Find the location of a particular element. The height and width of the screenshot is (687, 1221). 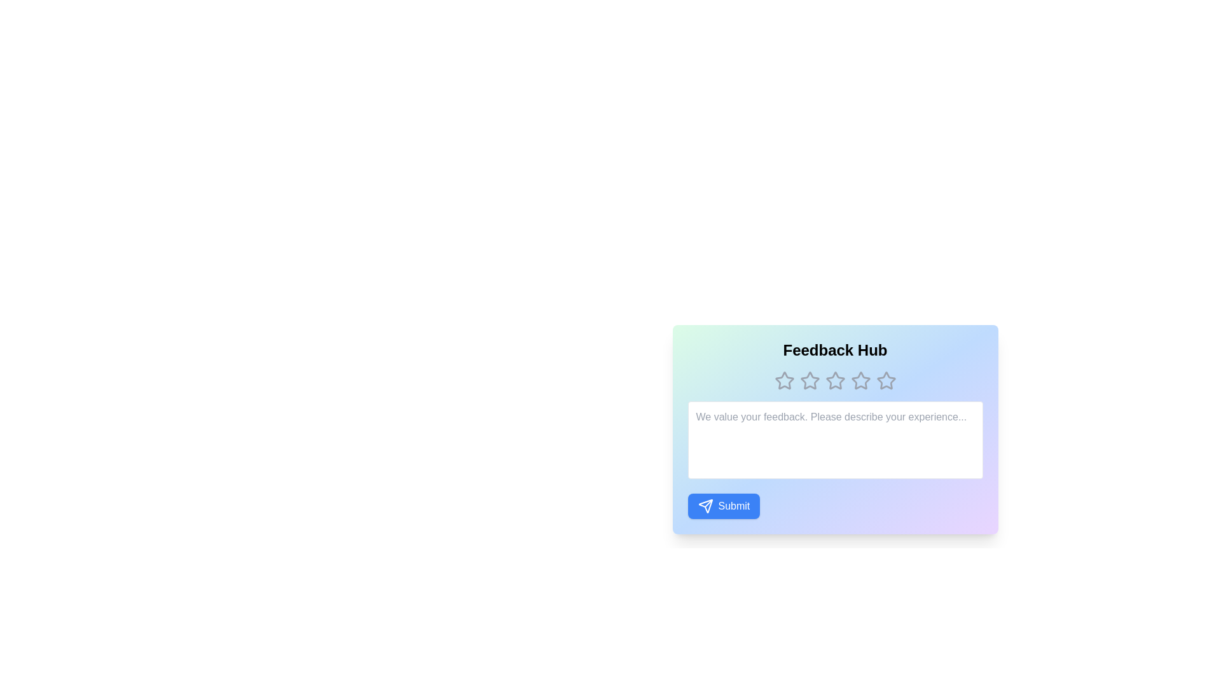

the star corresponding to the rating 3 is located at coordinates (835, 380).